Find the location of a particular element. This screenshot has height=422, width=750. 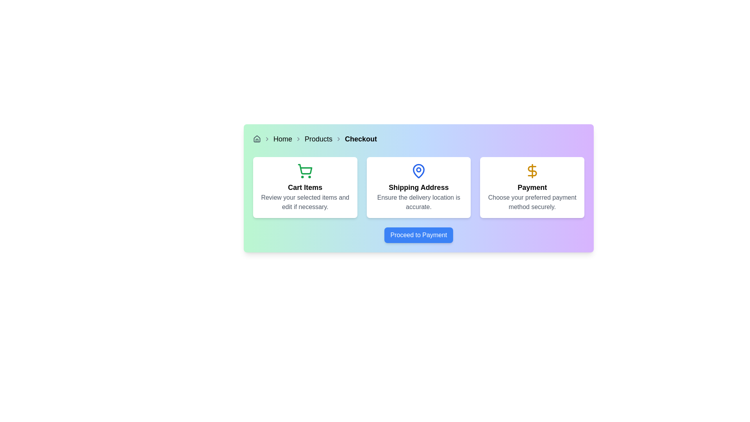

the informational card located in the top left corner of the grouping, which displays a summary of the user's selected items in their cart is located at coordinates (305, 187).